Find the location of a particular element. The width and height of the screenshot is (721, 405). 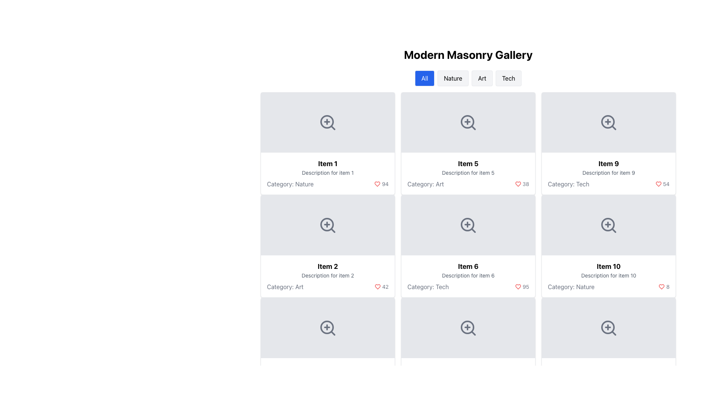

the circular element of the zoom-in icon located in the bottom-right card ('Item 10') of the interface is located at coordinates (608, 327).